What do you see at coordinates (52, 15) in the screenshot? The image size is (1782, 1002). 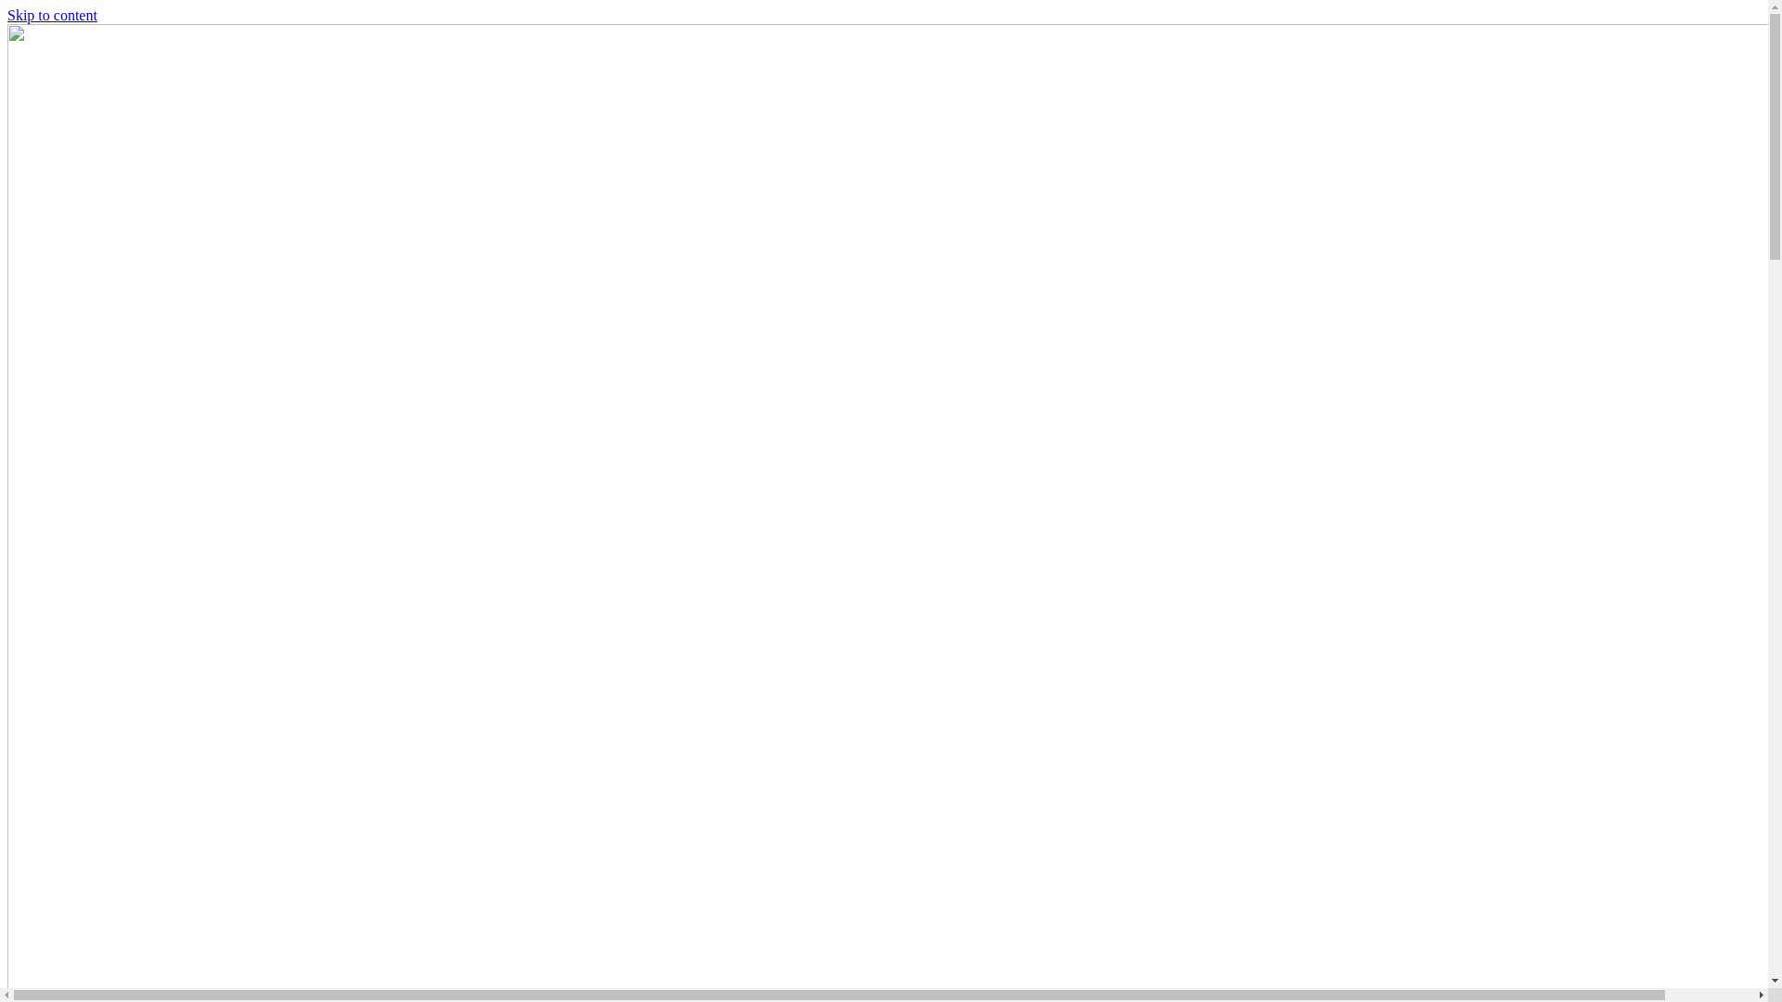 I see `'Skip to content'` at bounding box center [52, 15].